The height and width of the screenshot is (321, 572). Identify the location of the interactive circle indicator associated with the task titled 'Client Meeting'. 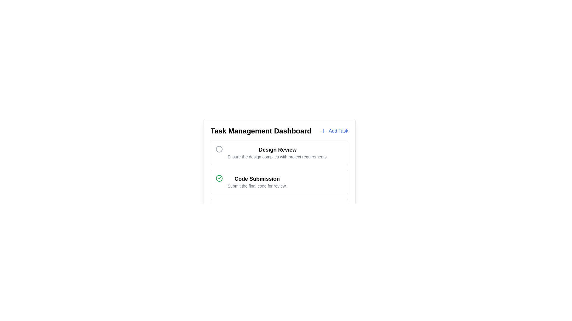
(219, 207).